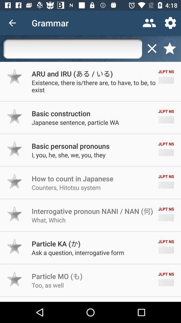 The height and width of the screenshot is (323, 181). Describe the element at coordinates (72, 48) in the screenshot. I see `search criteria` at that location.